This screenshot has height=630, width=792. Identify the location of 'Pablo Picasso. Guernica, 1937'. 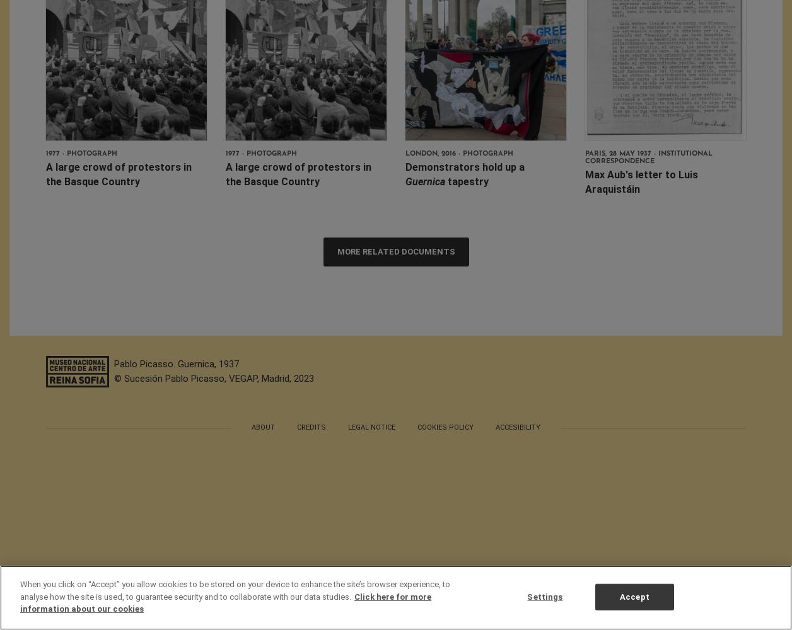
(175, 364).